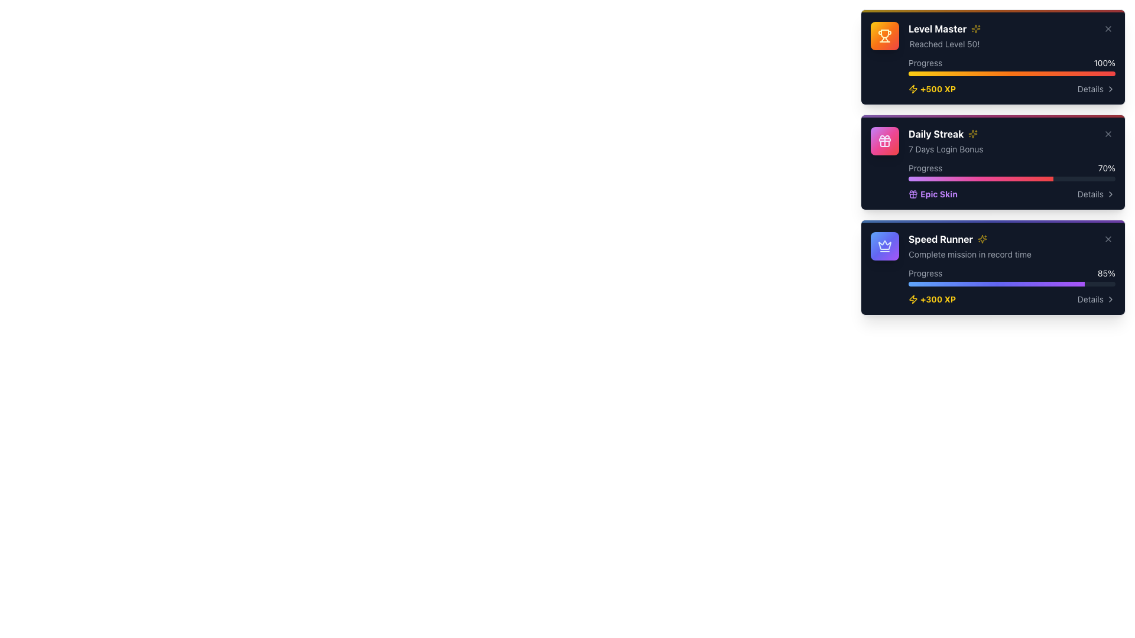  What do you see at coordinates (913, 193) in the screenshot?
I see `the gift box icon, which is styled with a simplistic outlined design in purple, located next to the 'Epic Skin' text in the 'Daily Streak' card` at bounding box center [913, 193].